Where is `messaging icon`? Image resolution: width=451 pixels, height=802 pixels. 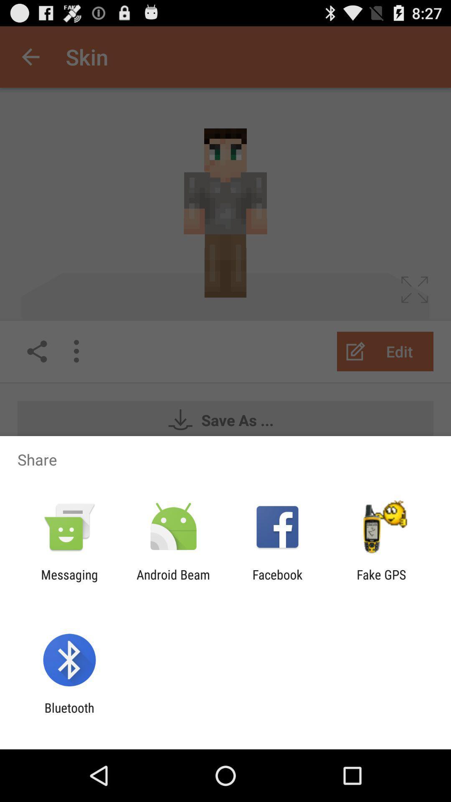
messaging icon is located at coordinates (69, 581).